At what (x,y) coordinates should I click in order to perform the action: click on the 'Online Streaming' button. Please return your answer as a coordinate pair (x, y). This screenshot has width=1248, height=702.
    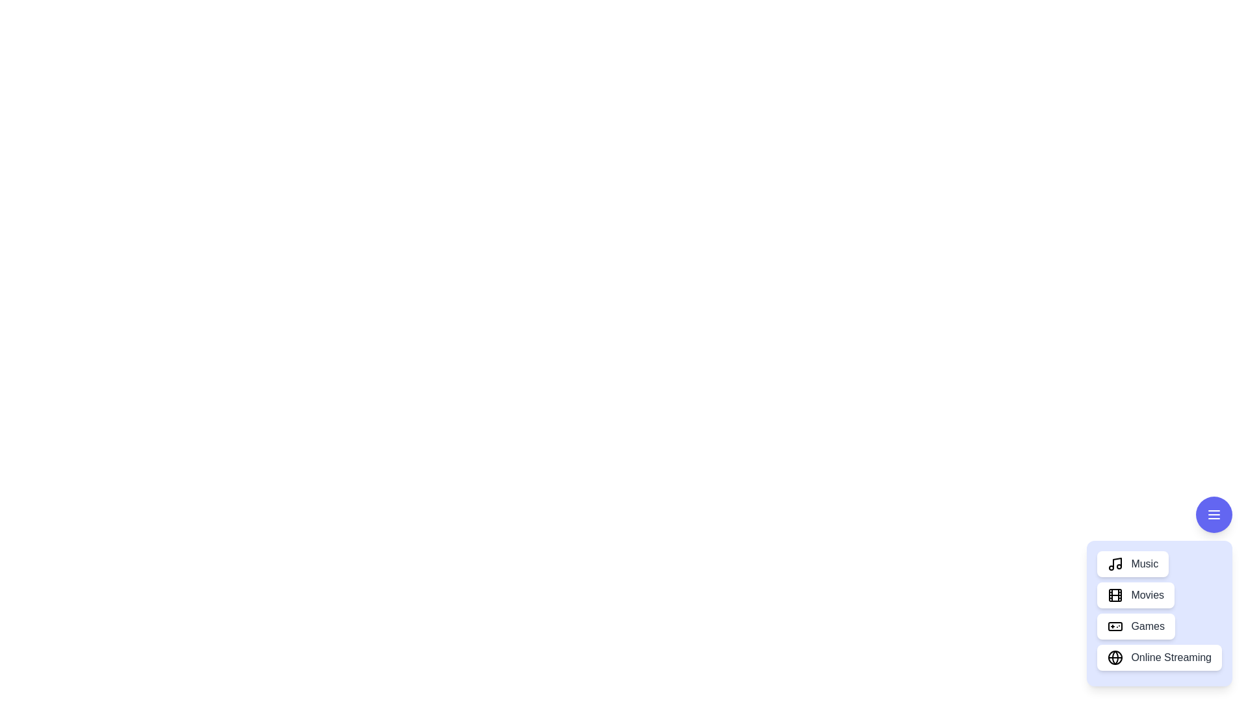
    Looking at the image, I should click on (1160, 657).